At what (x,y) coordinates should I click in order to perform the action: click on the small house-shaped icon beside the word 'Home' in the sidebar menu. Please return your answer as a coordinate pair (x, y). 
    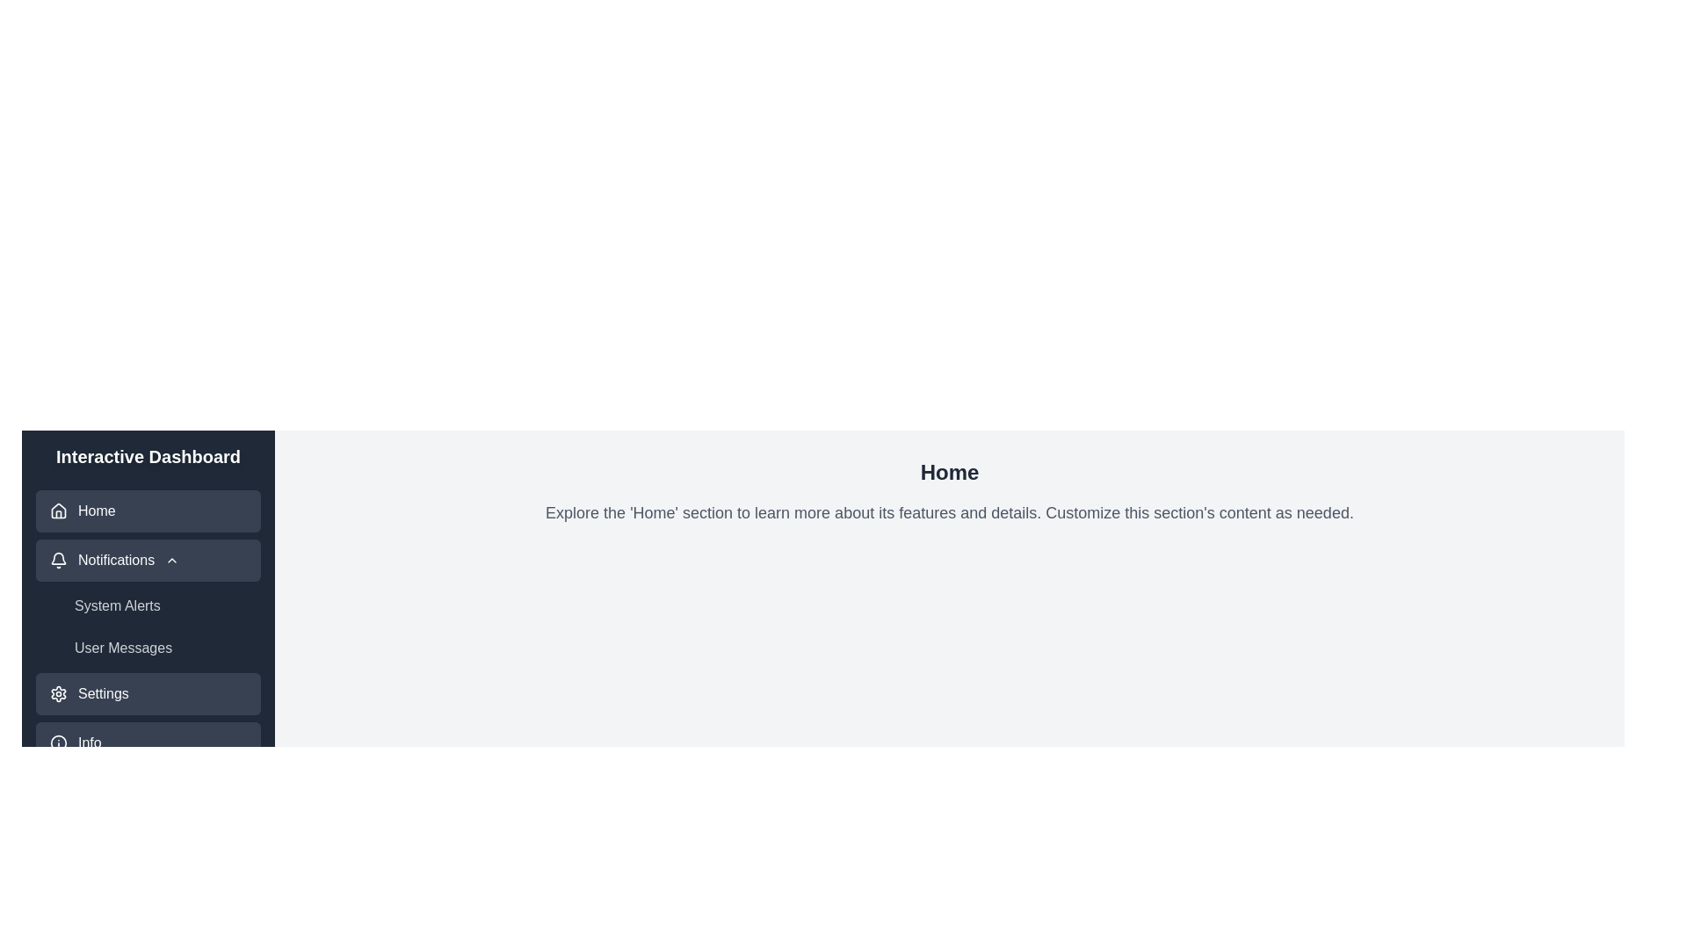
    Looking at the image, I should click on (59, 511).